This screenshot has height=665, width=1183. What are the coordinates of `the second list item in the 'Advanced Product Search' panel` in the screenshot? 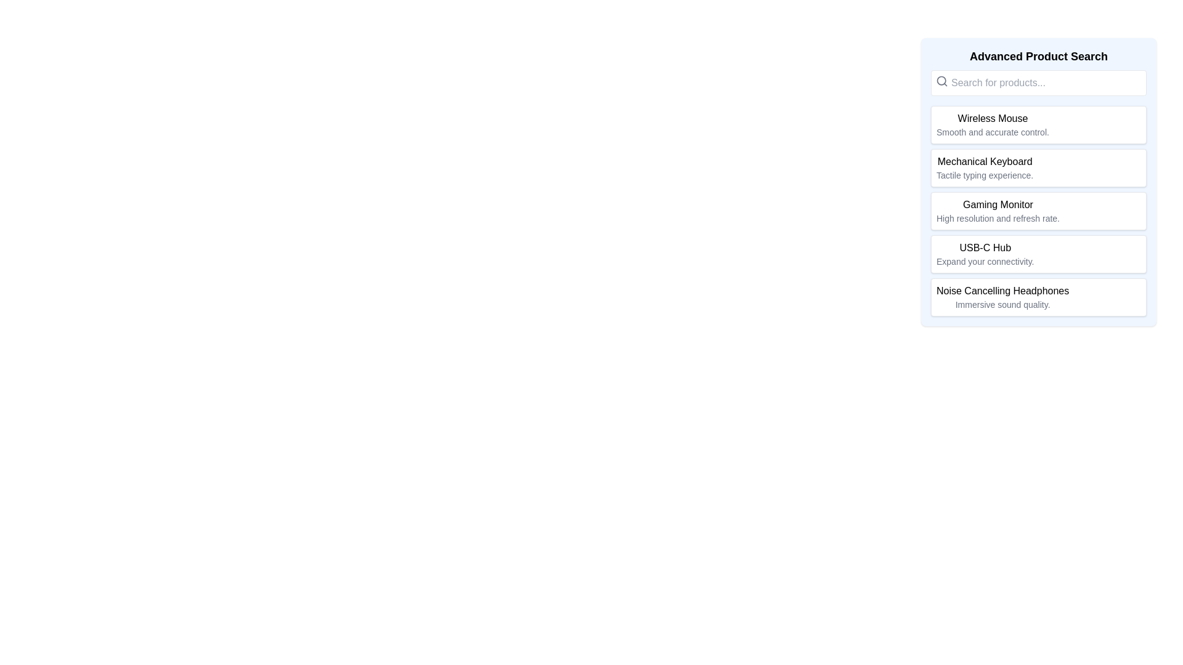 It's located at (1038, 182).